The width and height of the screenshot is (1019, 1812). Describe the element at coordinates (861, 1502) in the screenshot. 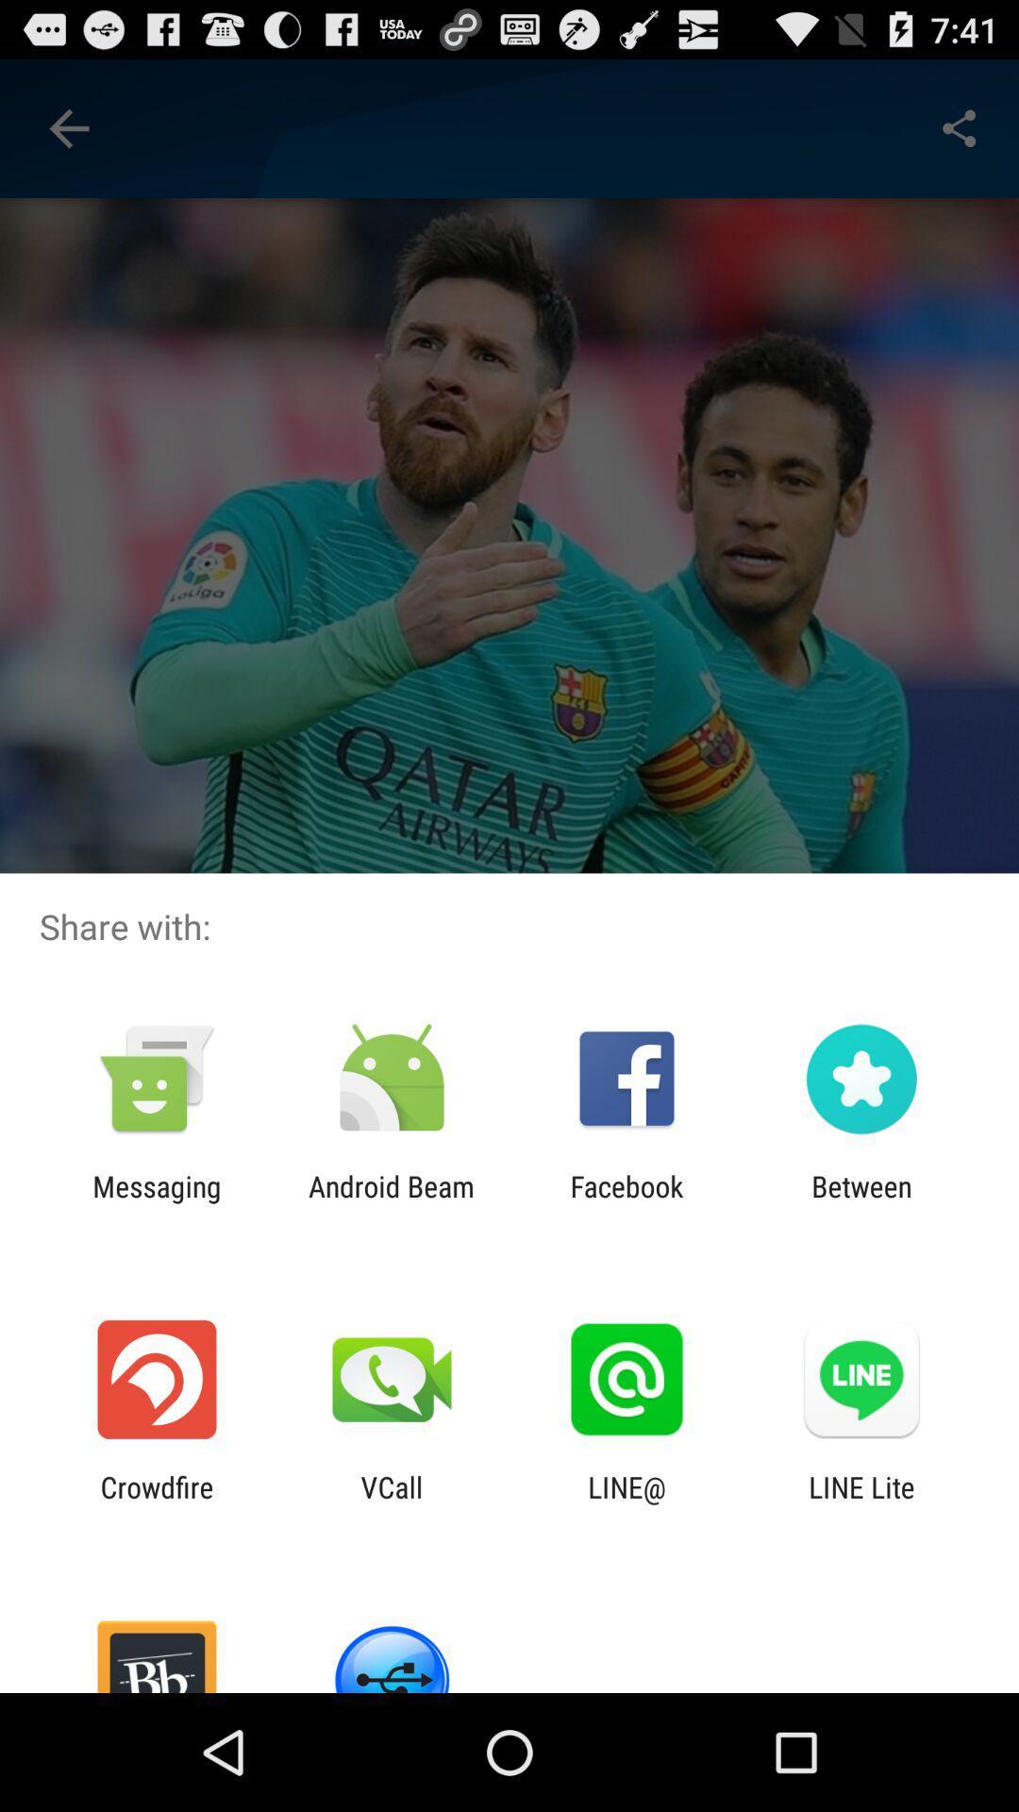

I see `the line lite icon` at that location.